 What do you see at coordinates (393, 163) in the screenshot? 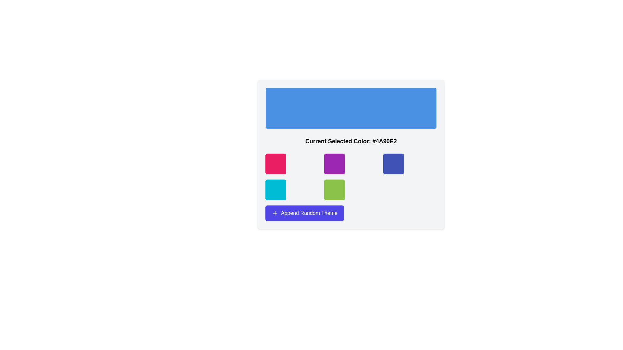
I see `the button` at bounding box center [393, 163].